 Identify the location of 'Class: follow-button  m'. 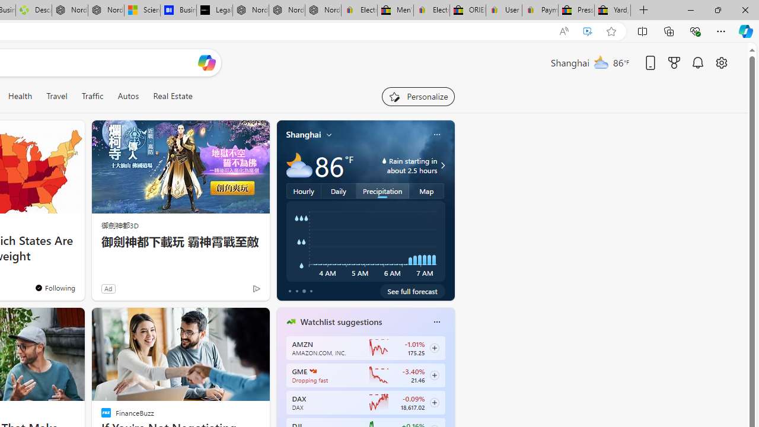
(433, 401).